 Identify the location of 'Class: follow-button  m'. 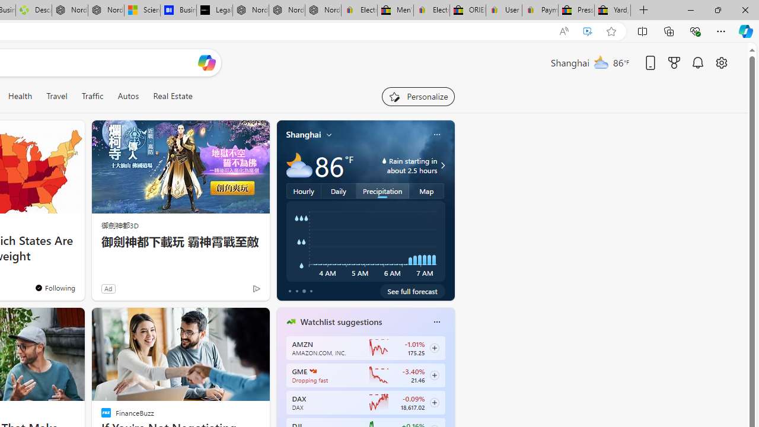
(433, 401).